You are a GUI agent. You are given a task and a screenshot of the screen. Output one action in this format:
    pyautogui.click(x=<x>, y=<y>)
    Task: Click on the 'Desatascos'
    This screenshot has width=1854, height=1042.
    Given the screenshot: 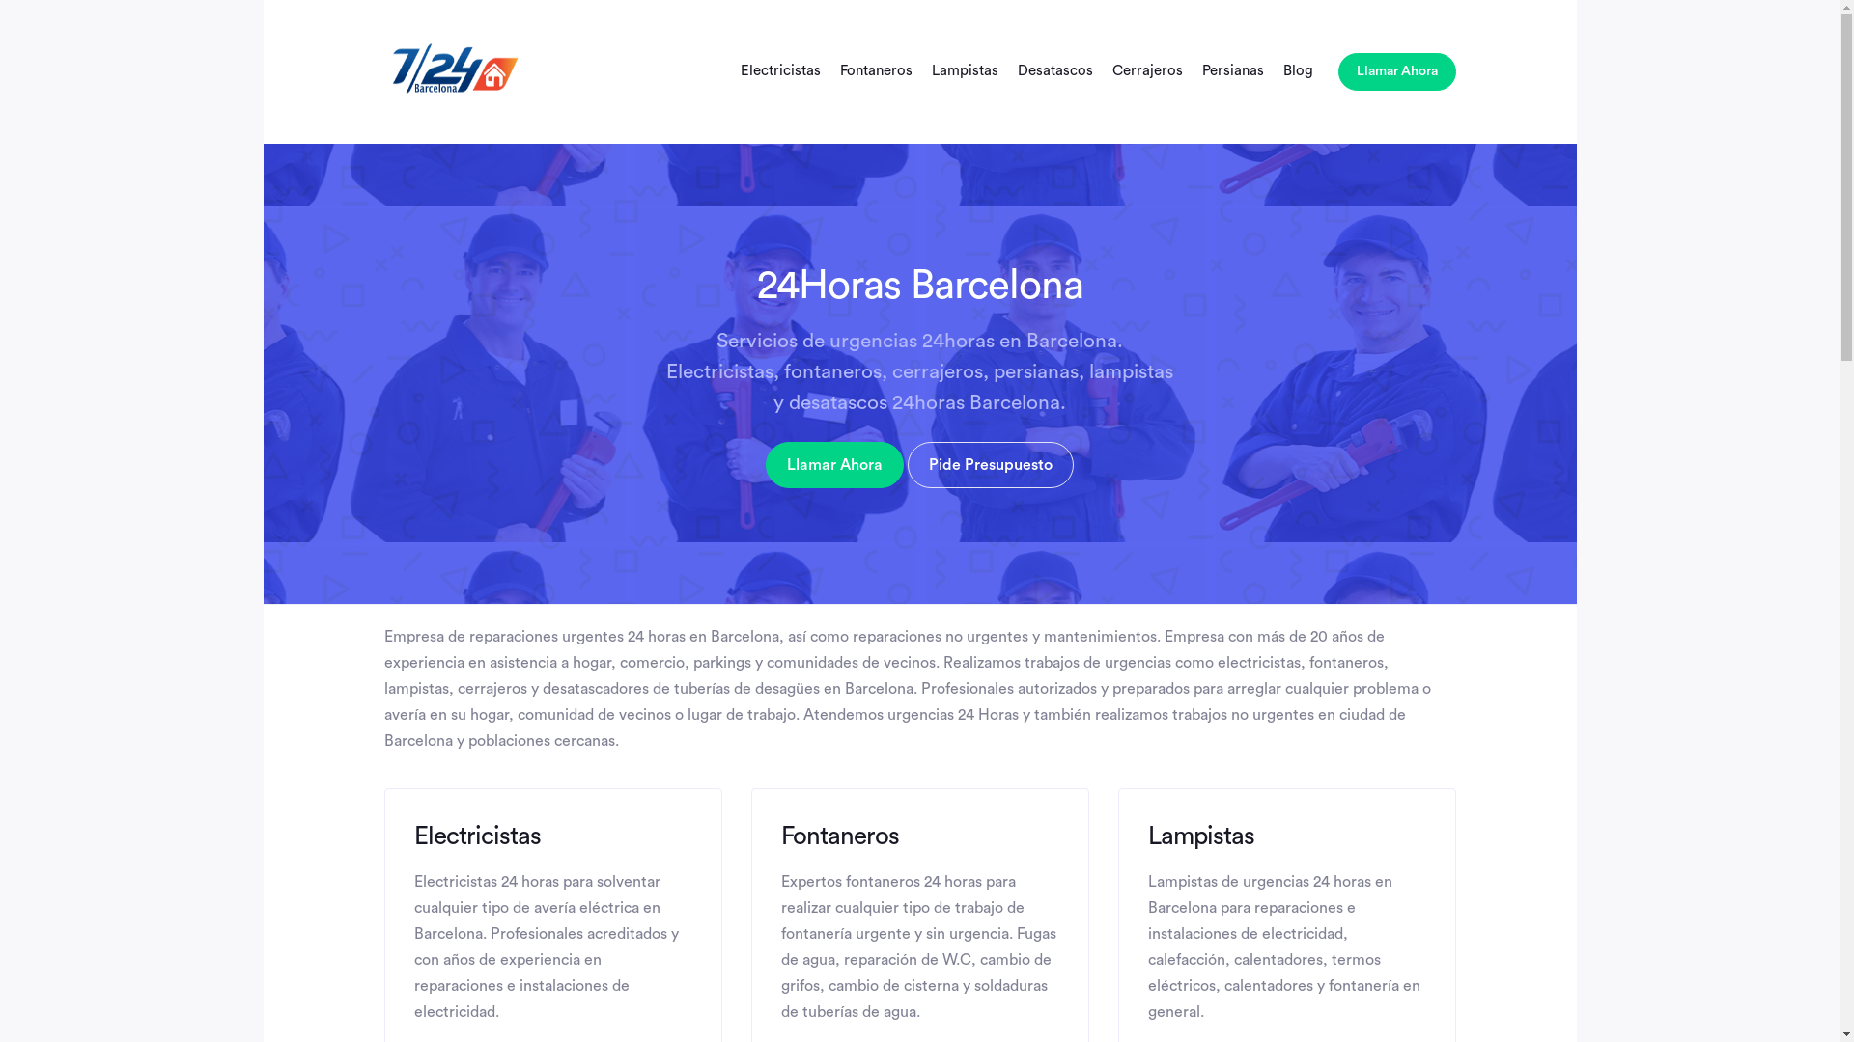 What is the action you would take?
    pyautogui.click(x=1054, y=70)
    